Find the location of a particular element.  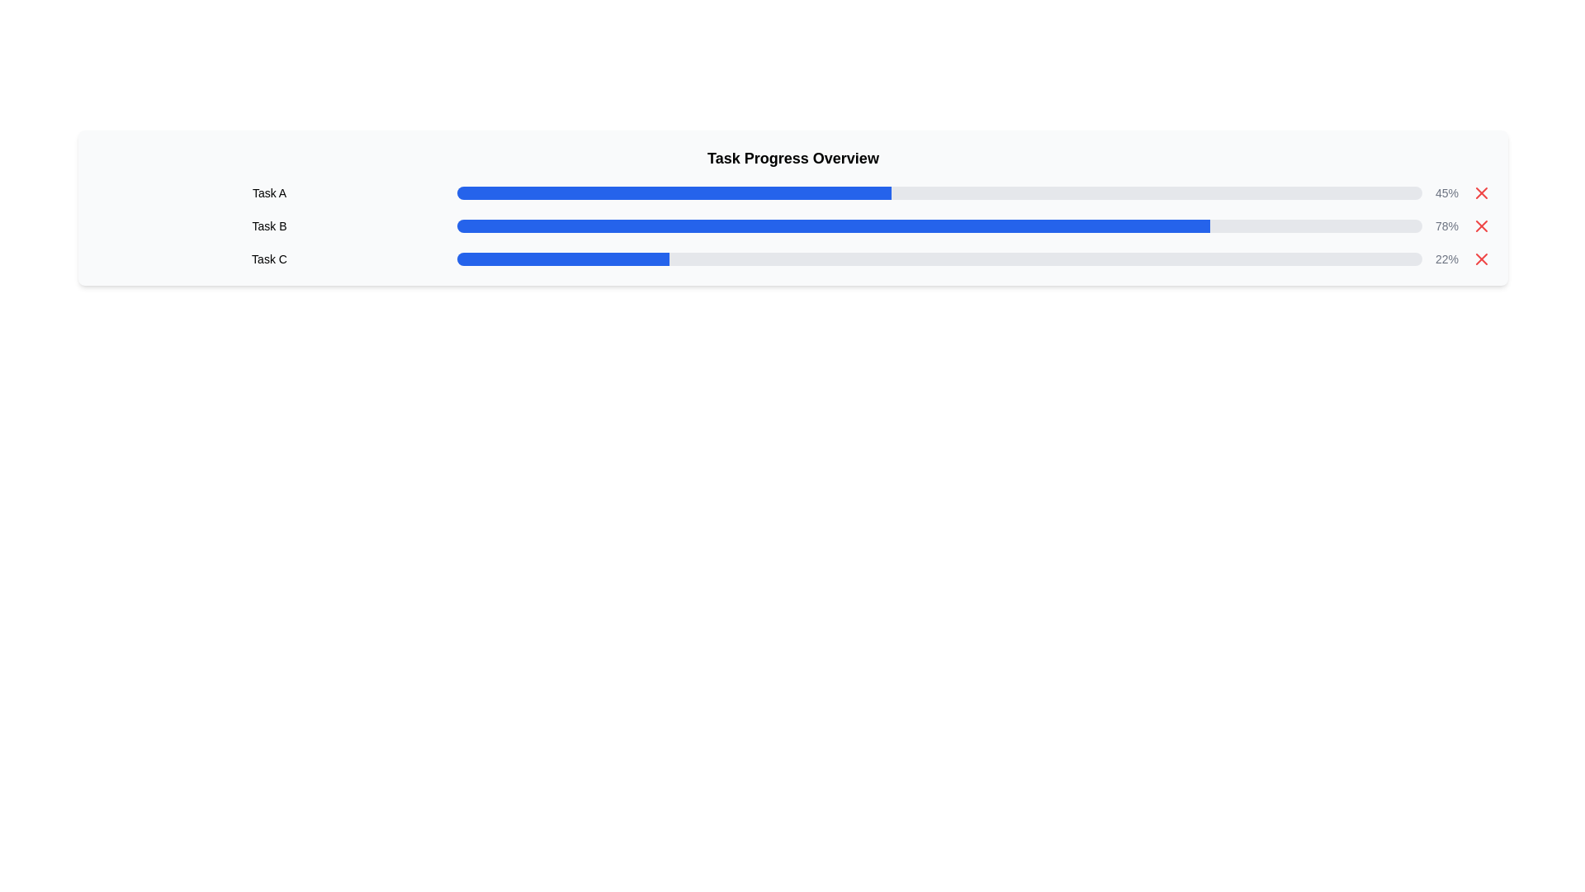

text displayed in the bold text label 'Task Progress Overview', which is positioned at the upper part of the dashboard is located at coordinates (792, 159).